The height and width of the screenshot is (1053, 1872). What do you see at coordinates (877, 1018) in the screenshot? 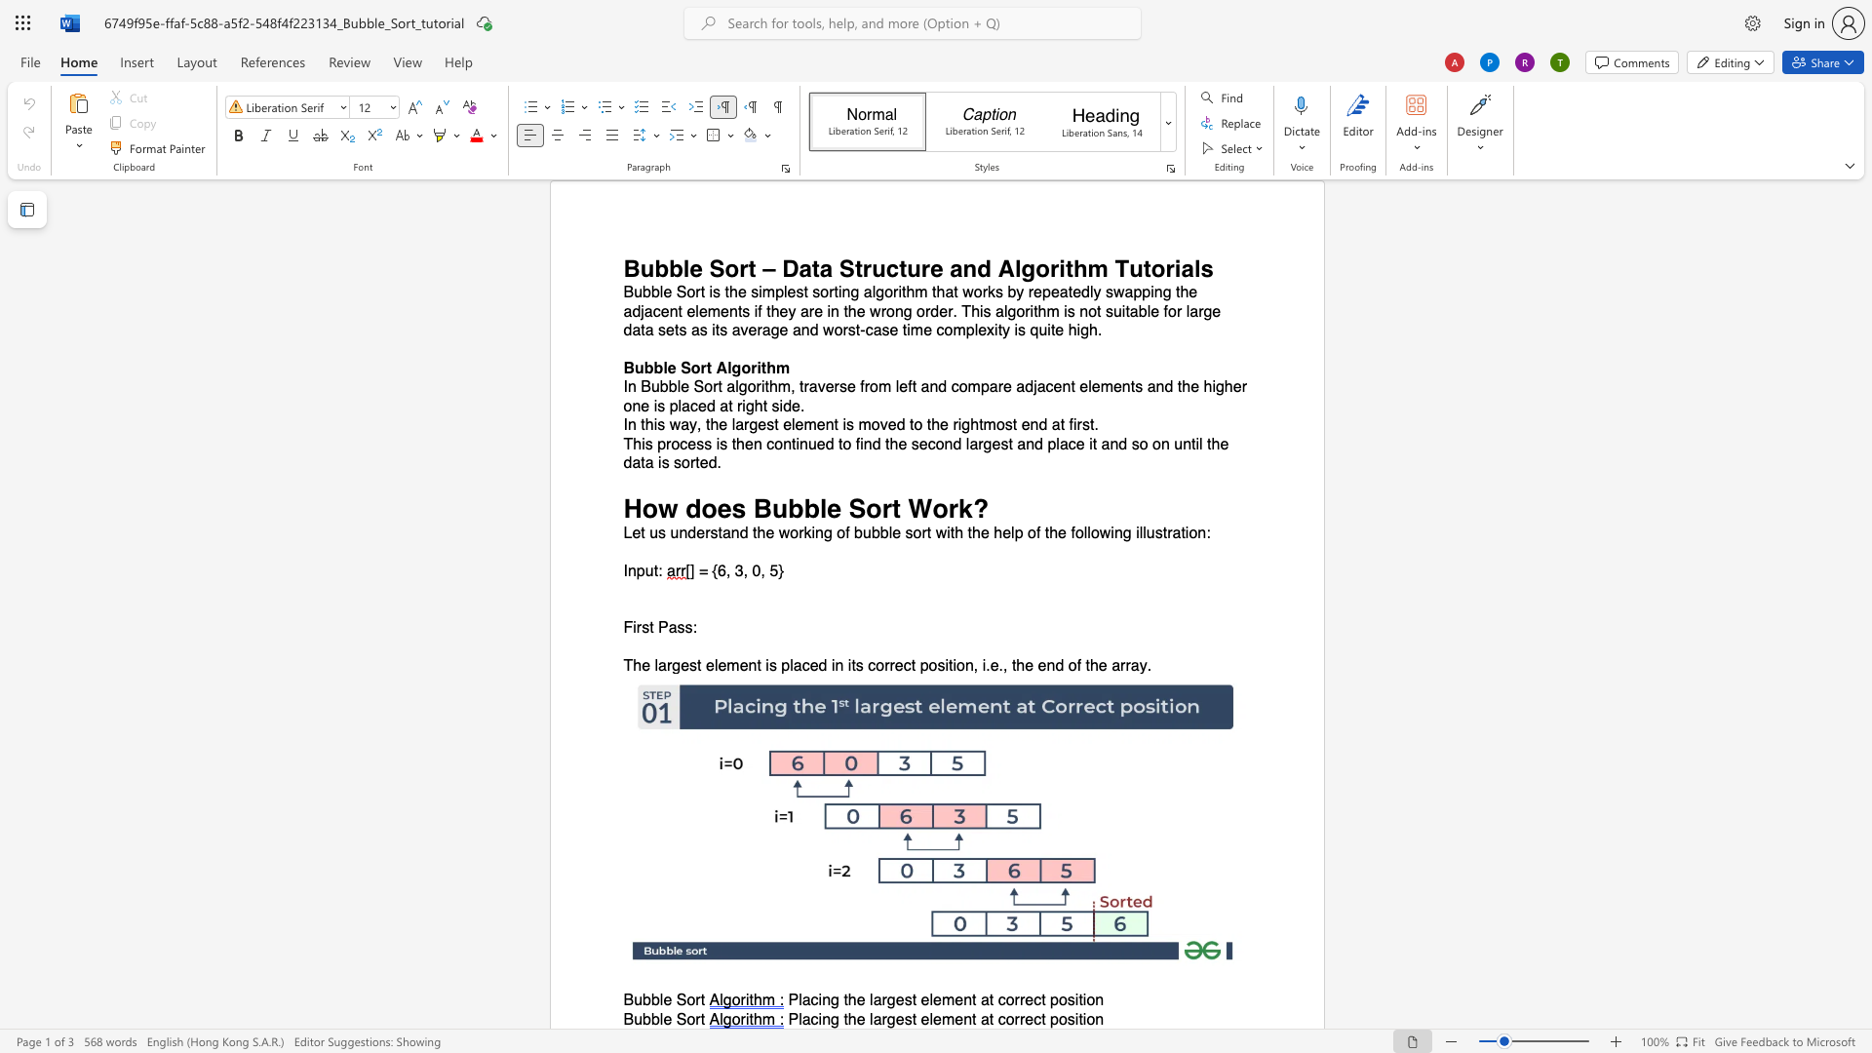
I see `the 2th character "a" in the text` at bounding box center [877, 1018].